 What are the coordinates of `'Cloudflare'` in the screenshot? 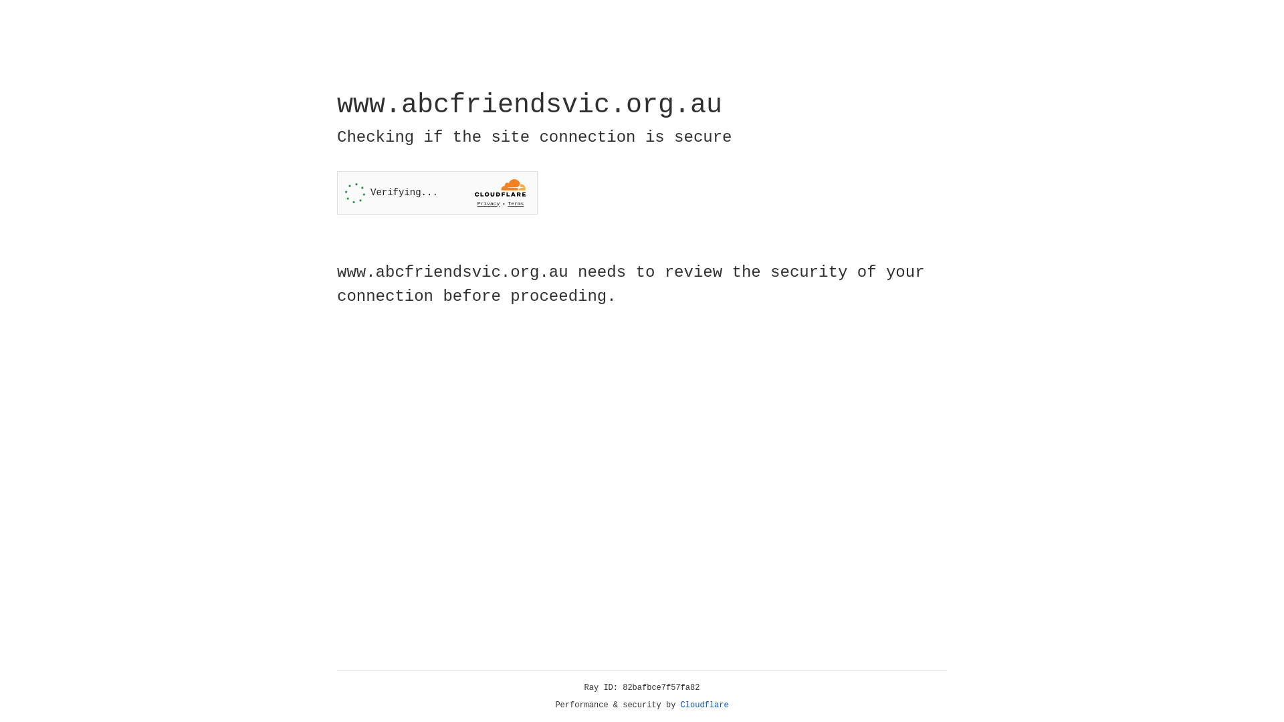 It's located at (704, 705).